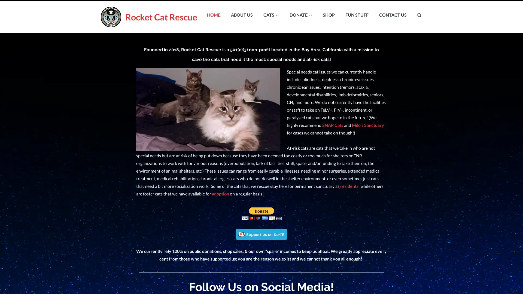 Image resolution: width=523 pixels, height=294 pixels. What do you see at coordinates (261, 210) in the screenshot?
I see `Make your payments with PayPal. It is free, secure, effective.` at bounding box center [261, 210].